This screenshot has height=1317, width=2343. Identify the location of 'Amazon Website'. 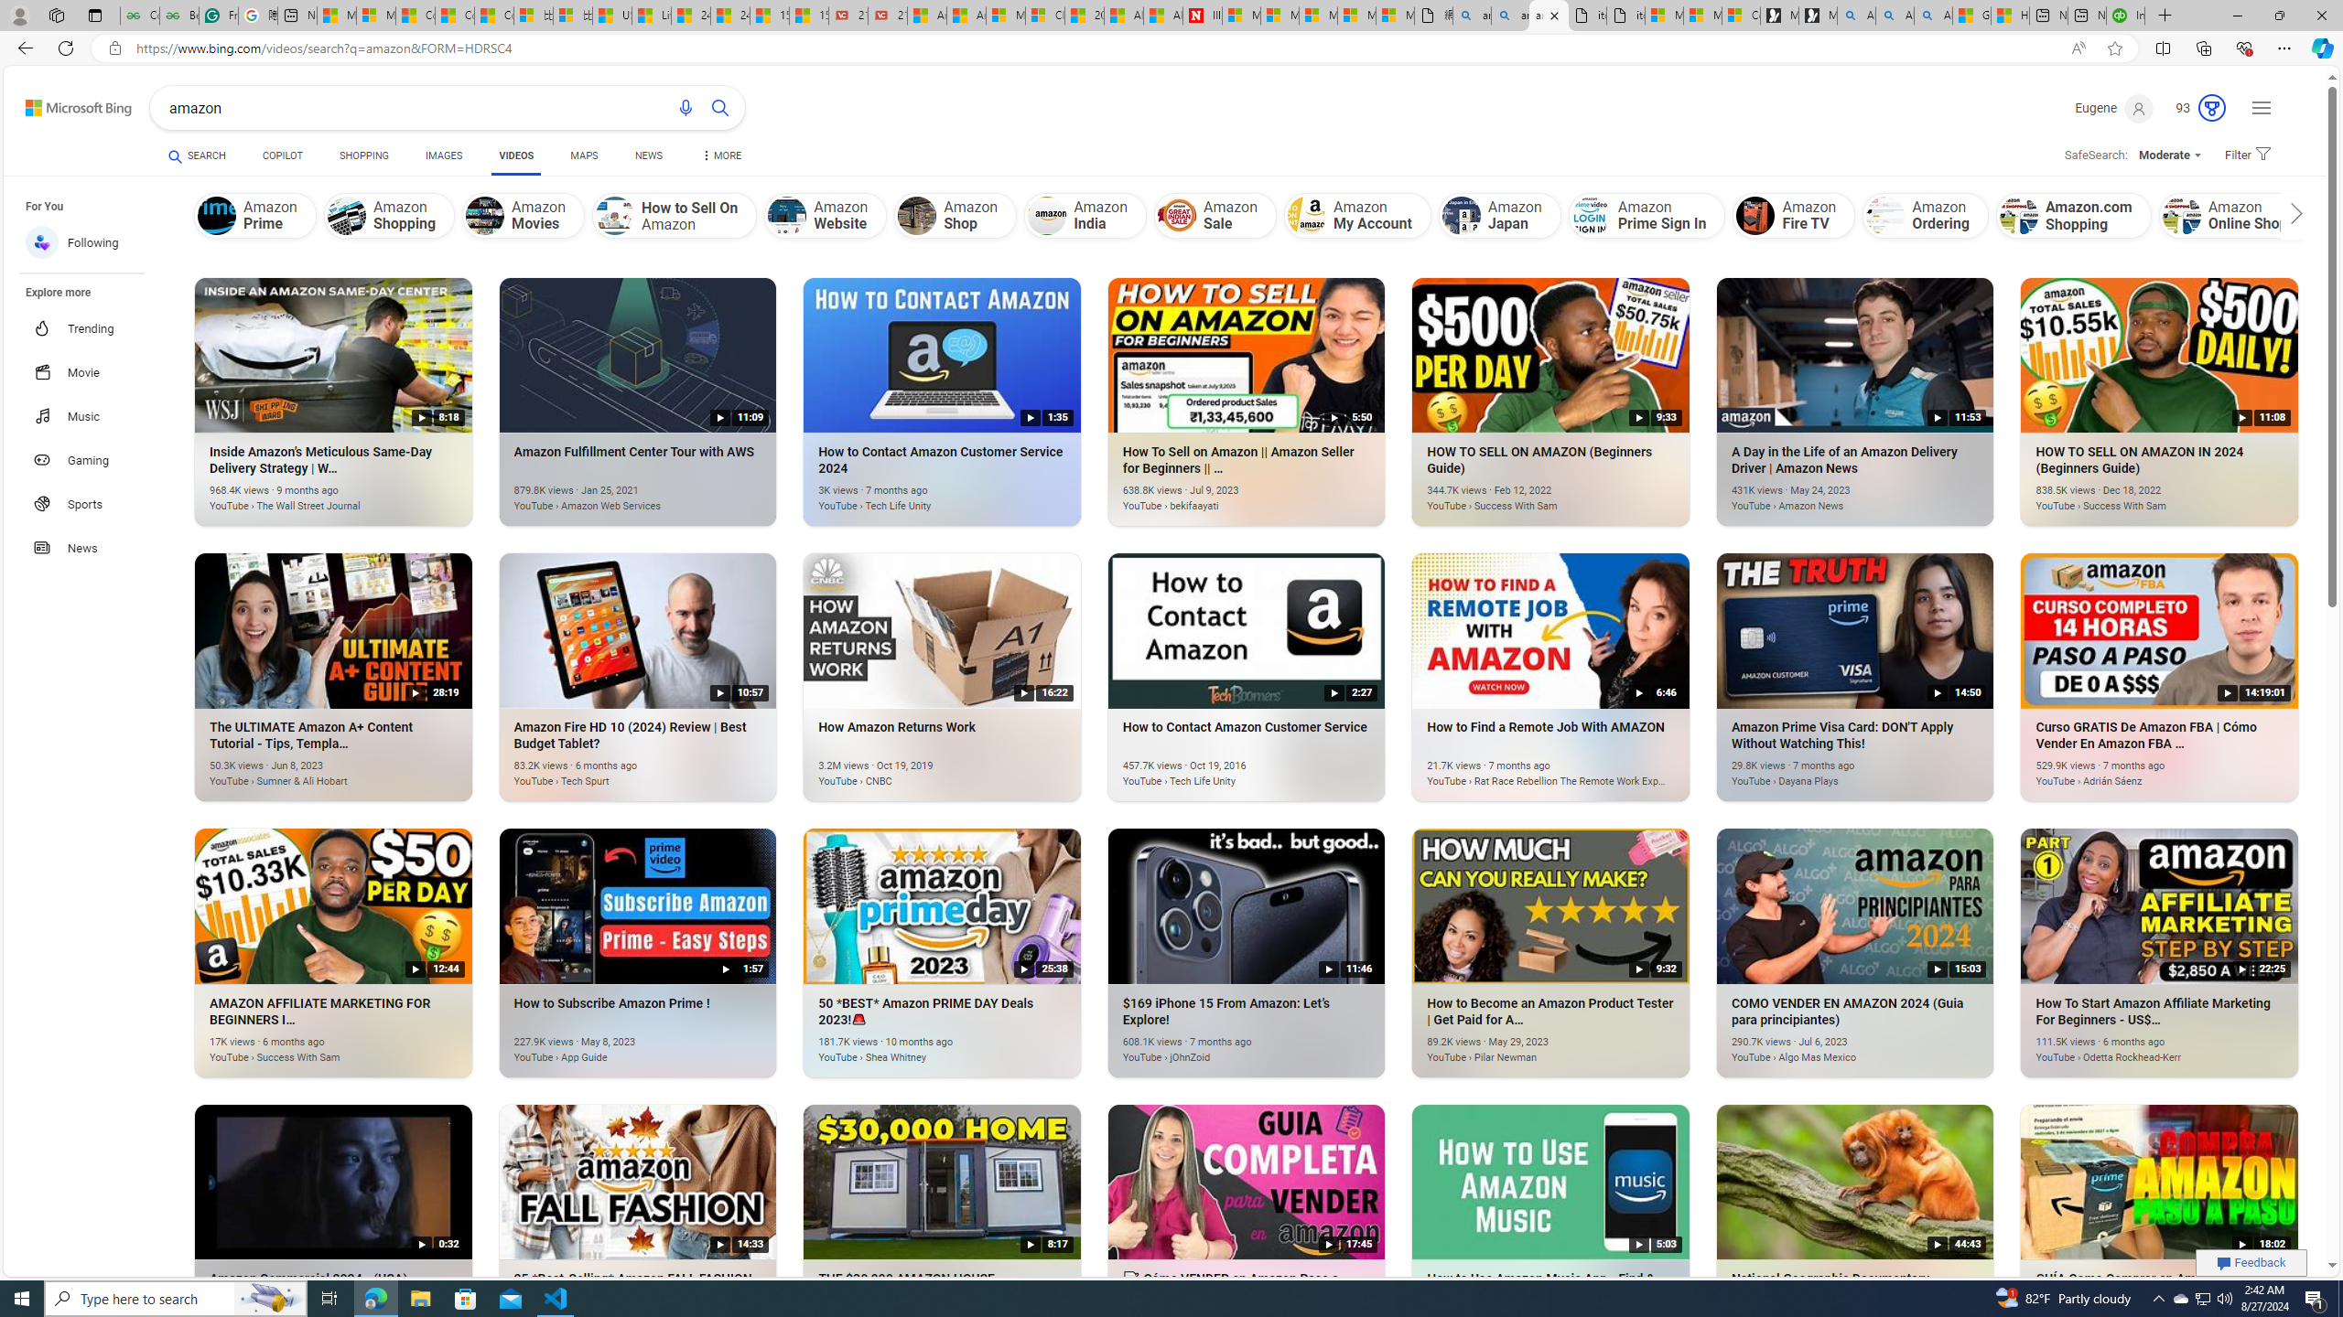
(787, 214).